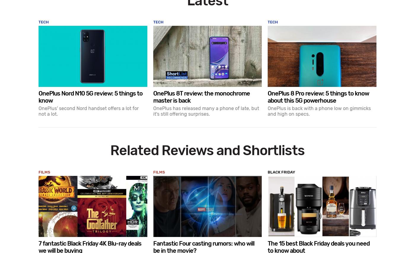 This screenshot has width=415, height=253. I want to click on 'OnePlus 8 Pro review: 5 things to know about this 5G powerhouse', so click(268, 97).